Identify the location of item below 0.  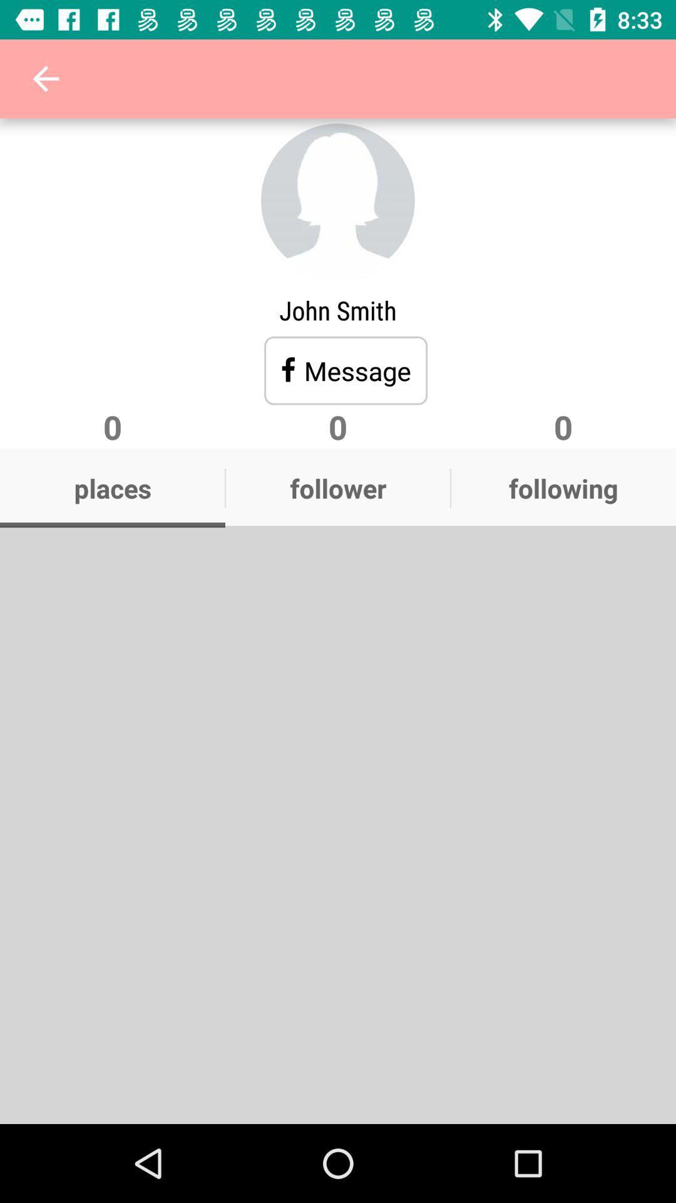
(562, 487).